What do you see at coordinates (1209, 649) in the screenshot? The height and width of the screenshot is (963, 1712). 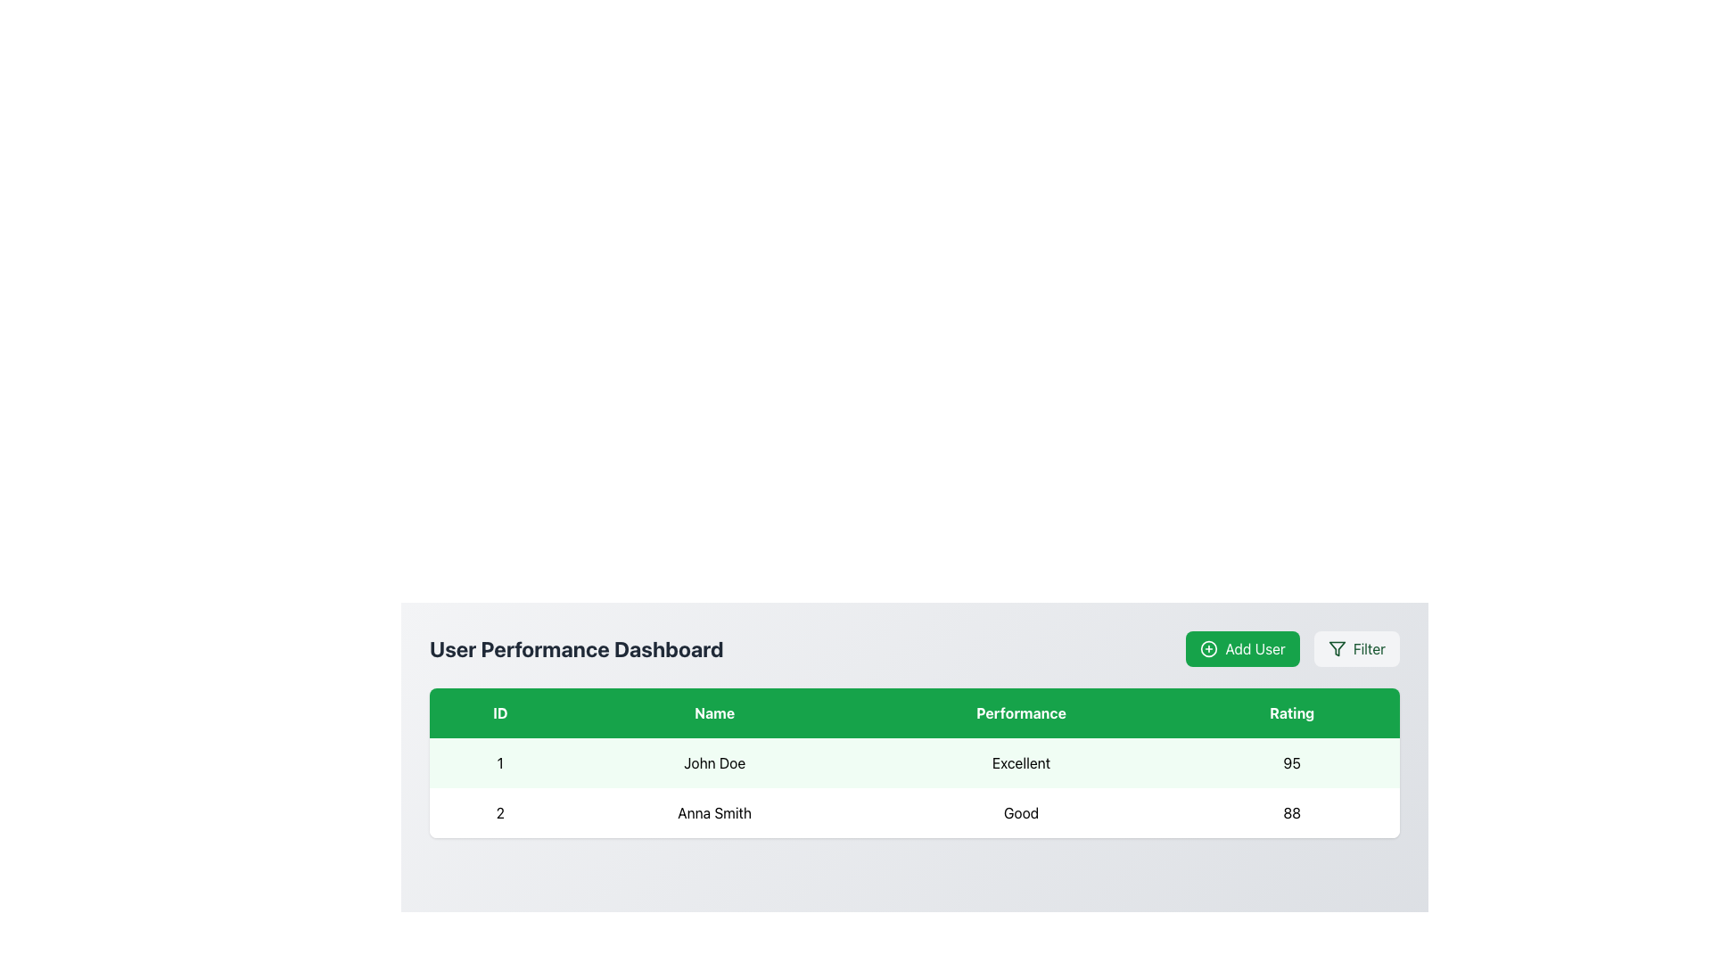 I see `the decorative icon representing a circle with a plus sign, which is located within the 'Add User' button, positioned to the right and slightly above a table displaying user performance data` at bounding box center [1209, 649].